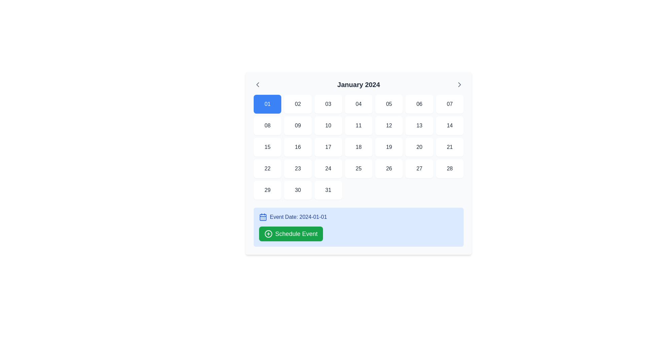  I want to click on the button representing the third day of the month in the calendar interface, so click(328, 104).